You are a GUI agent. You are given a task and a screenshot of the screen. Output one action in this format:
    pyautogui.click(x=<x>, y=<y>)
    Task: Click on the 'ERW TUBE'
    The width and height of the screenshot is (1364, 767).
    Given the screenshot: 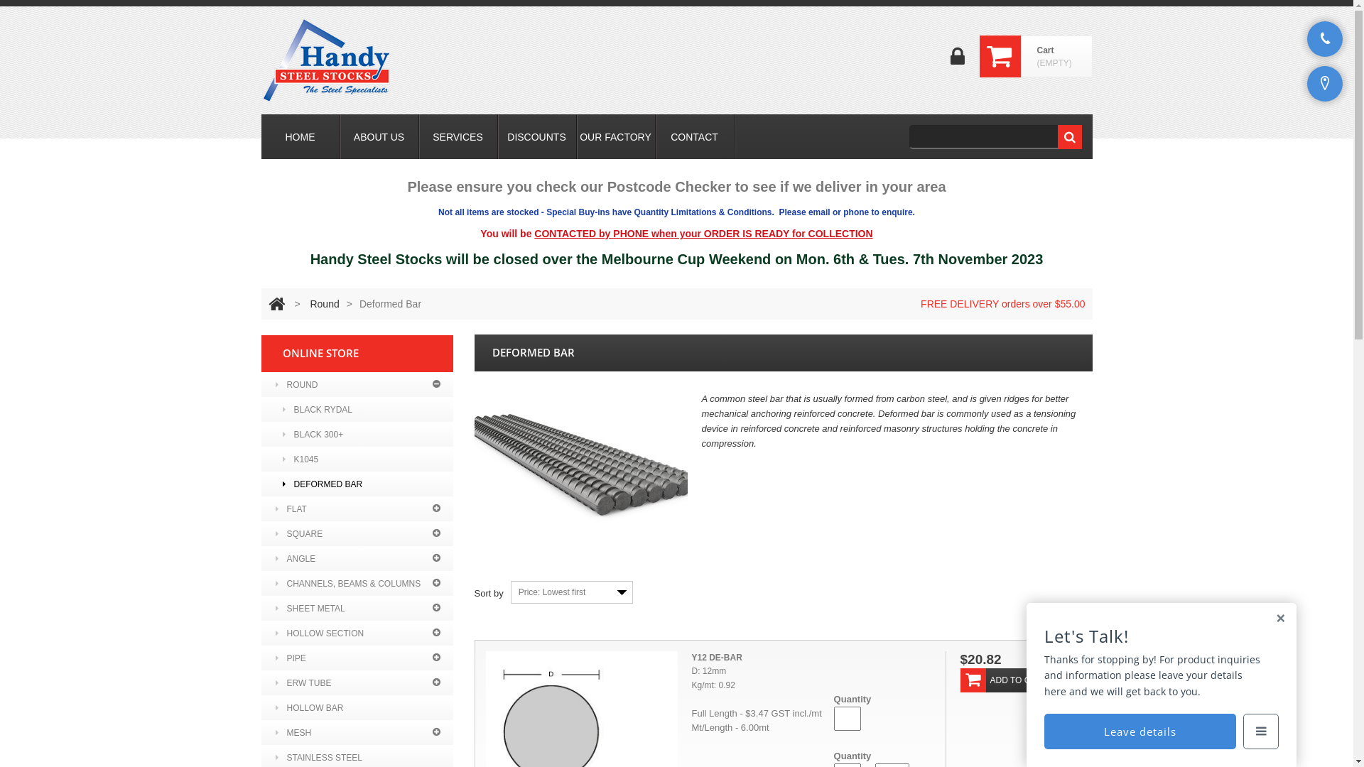 What is the action you would take?
    pyautogui.click(x=357, y=682)
    